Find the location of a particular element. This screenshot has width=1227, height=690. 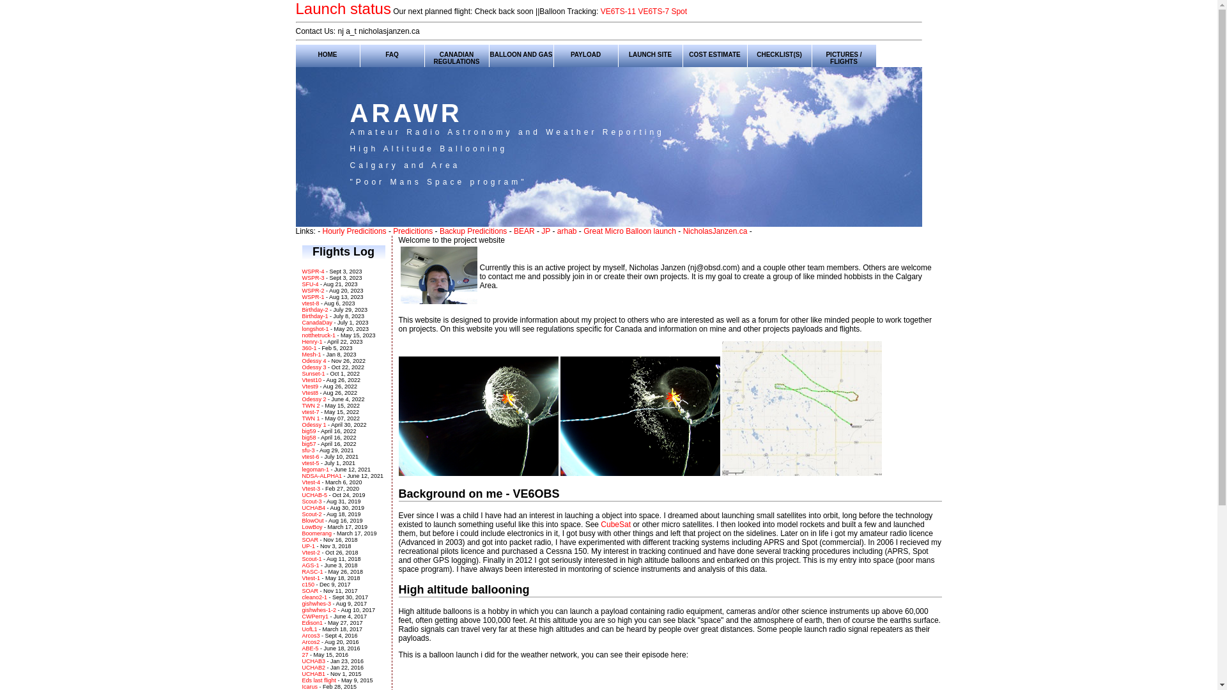

'Predicitions' is located at coordinates (413, 231).